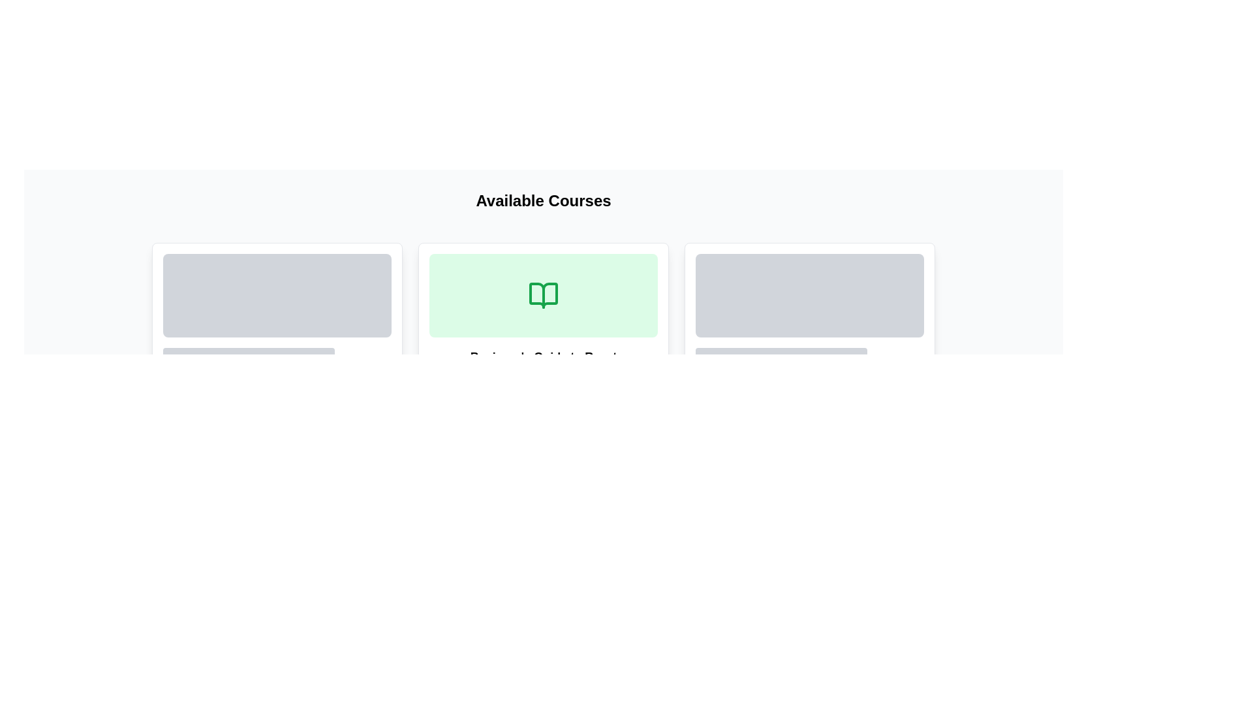 The image size is (1253, 705). What do you see at coordinates (544, 295) in the screenshot?
I see `the icon representing a category or type of learning material located at the center of the light green card in the second column beneath the 'Available Courses' heading` at bounding box center [544, 295].